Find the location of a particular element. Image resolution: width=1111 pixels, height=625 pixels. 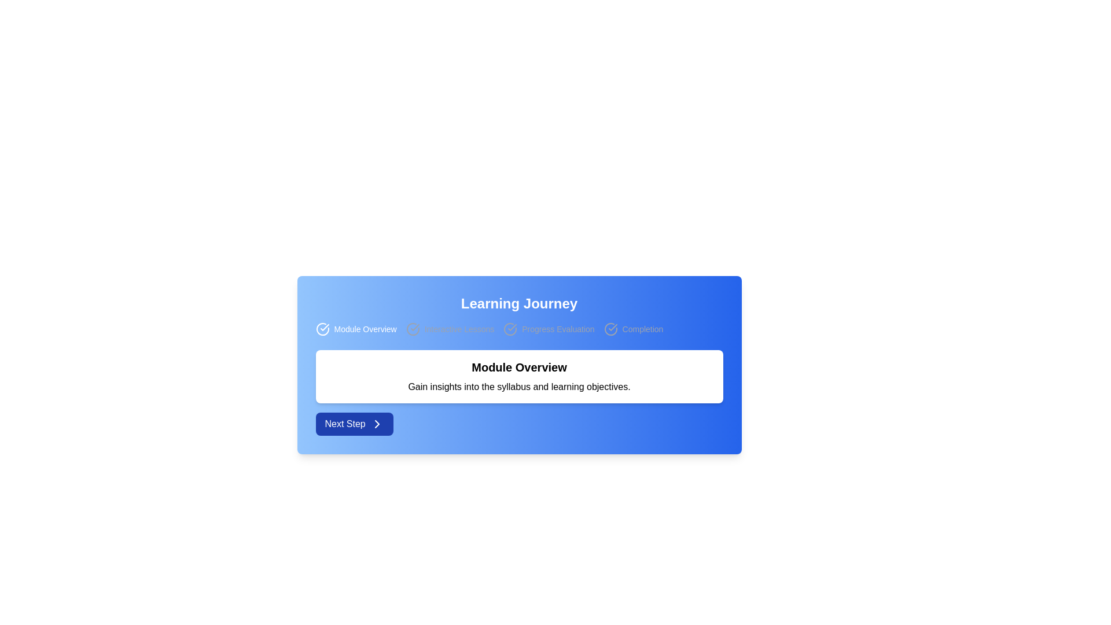

the Label or textual display element that indicates a step or section, positioned to the right of an adjacent checkmark icon is located at coordinates (365, 329).